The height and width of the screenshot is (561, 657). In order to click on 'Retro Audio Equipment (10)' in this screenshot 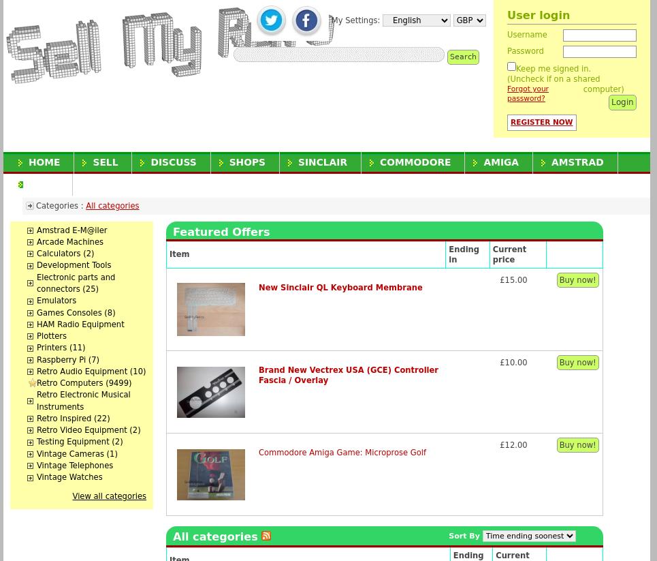, I will do `click(37, 370)`.